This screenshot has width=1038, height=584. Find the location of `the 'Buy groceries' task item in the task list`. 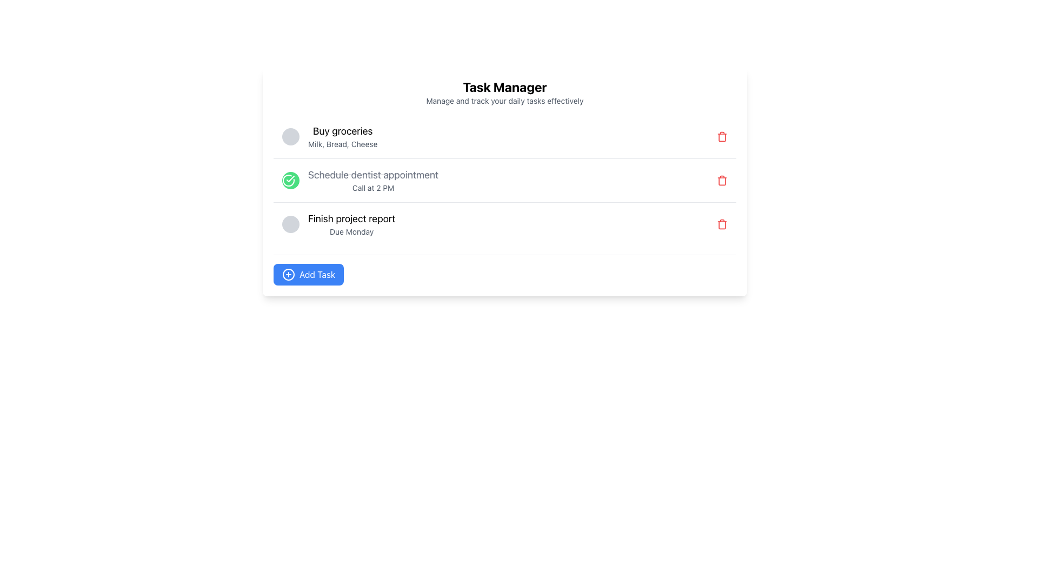

the 'Buy groceries' task item in the task list is located at coordinates (329, 136).